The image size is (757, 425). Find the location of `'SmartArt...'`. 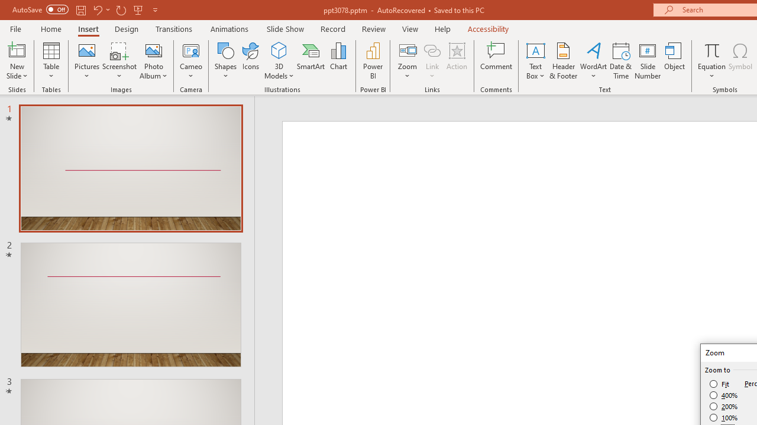

'SmartArt...' is located at coordinates (311, 61).